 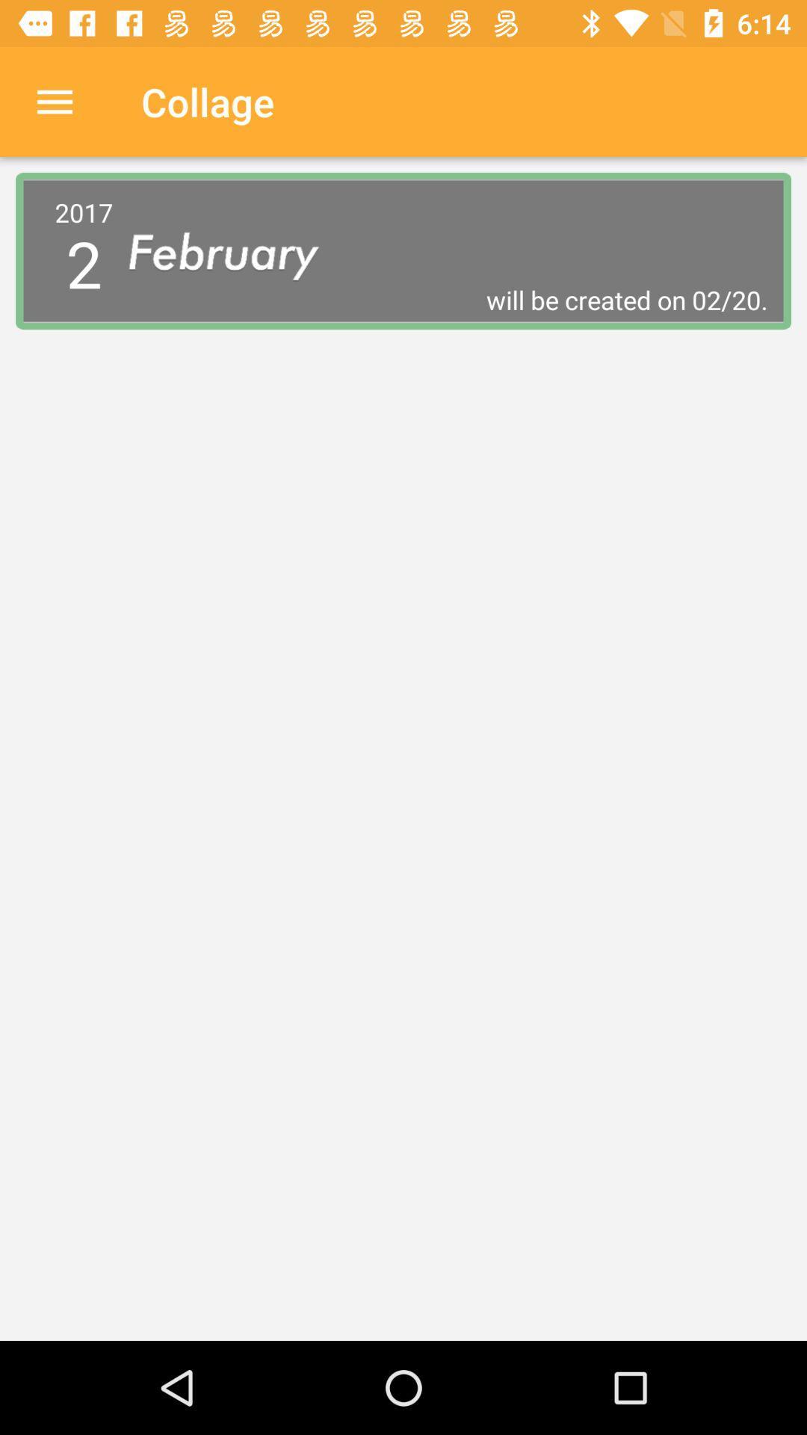 I want to click on will be created, so click(x=448, y=299).